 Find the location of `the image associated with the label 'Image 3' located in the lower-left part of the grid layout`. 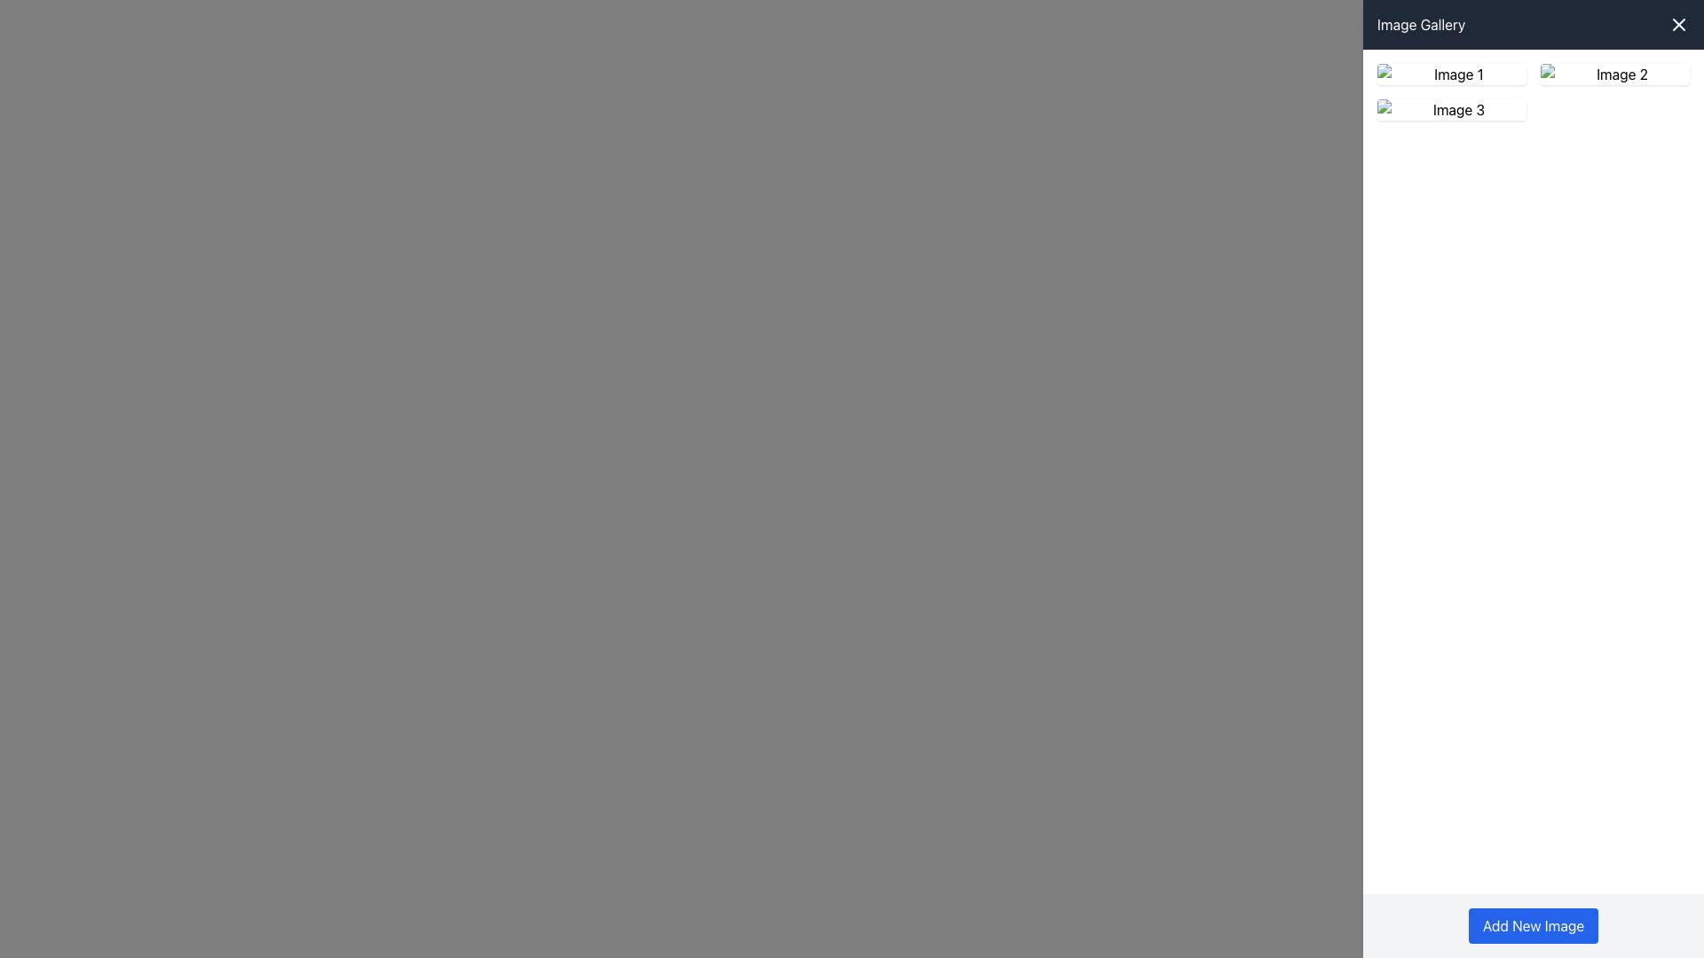

the image associated with the label 'Image 3' located in the lower-left part of the grid layout is located at coordinates (1452, 109).